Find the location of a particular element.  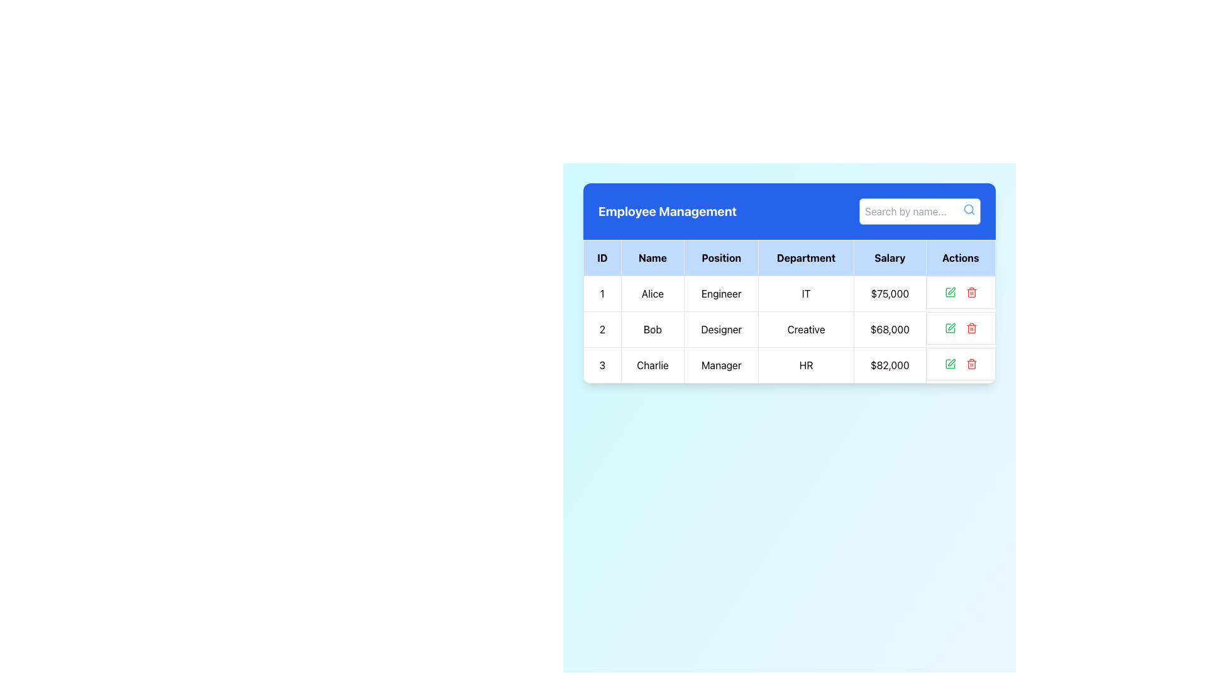

the red delete icon in the Actions column of Charlie's row to initiate deletion of the row is located at coordinates (960, 363).